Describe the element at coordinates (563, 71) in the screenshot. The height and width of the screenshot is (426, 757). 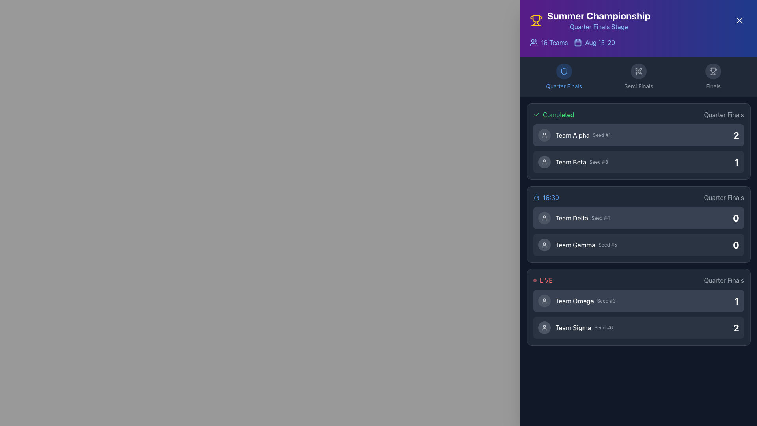
I see `the circular button with a shield graphic labeled 'Quarter Finals'` at that location.